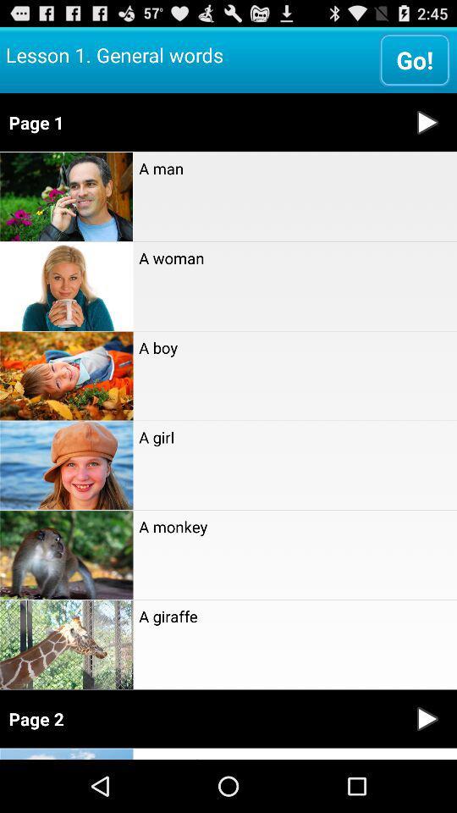  I want to click on a woman, so click(294, 257).